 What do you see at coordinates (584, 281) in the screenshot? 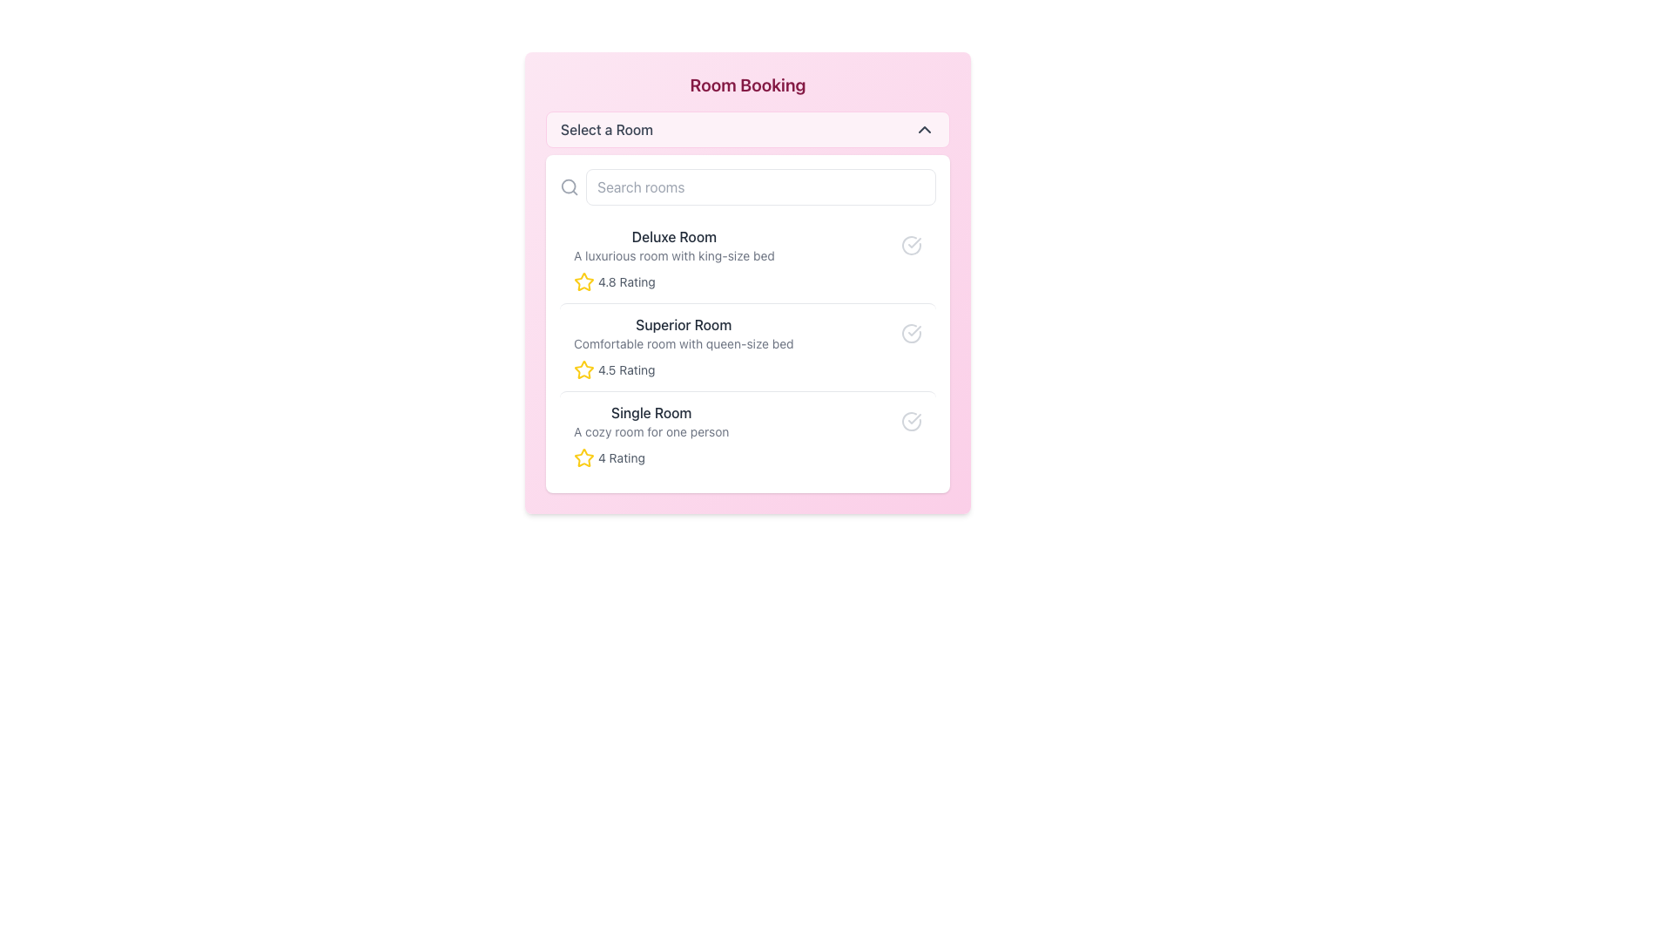
I see `the first graphical icon in the rating section that indicates the quality or score of the Deluxe Room, which is positioned directly before the text '4.8 Rating'` at bounding box center [584, 281].